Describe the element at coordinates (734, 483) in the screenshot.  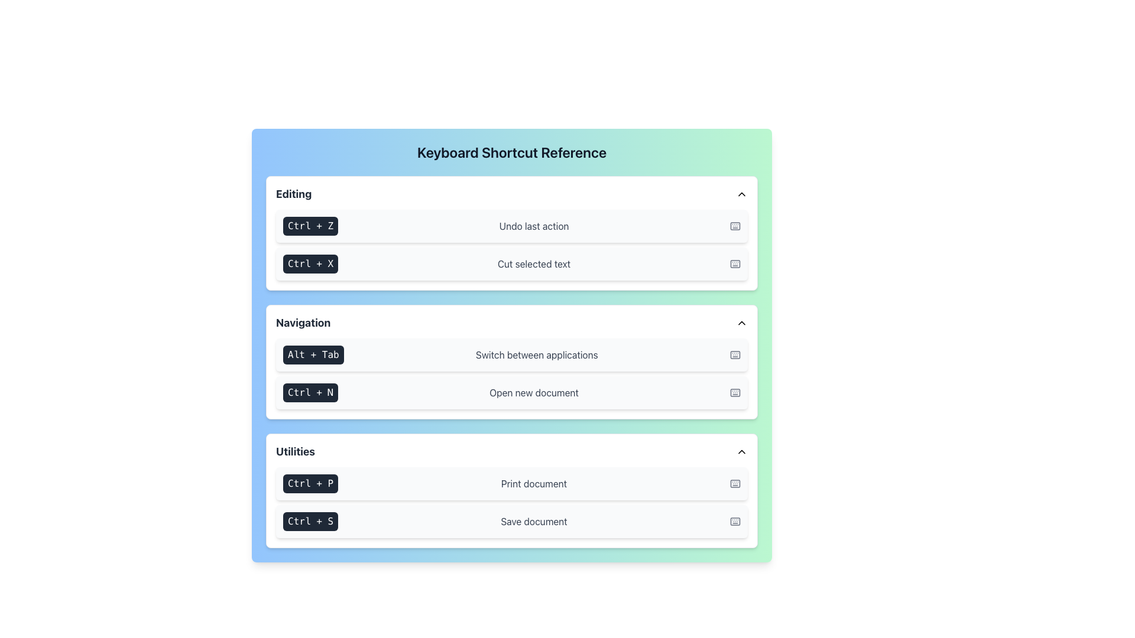
I see `the keyboard shortcut icon located in the bottom section of the interface, right of the 'Print document' text` at that location.